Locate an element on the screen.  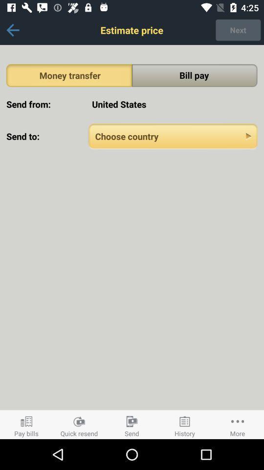
the item above the send from: is located at coordinates (68, 75).